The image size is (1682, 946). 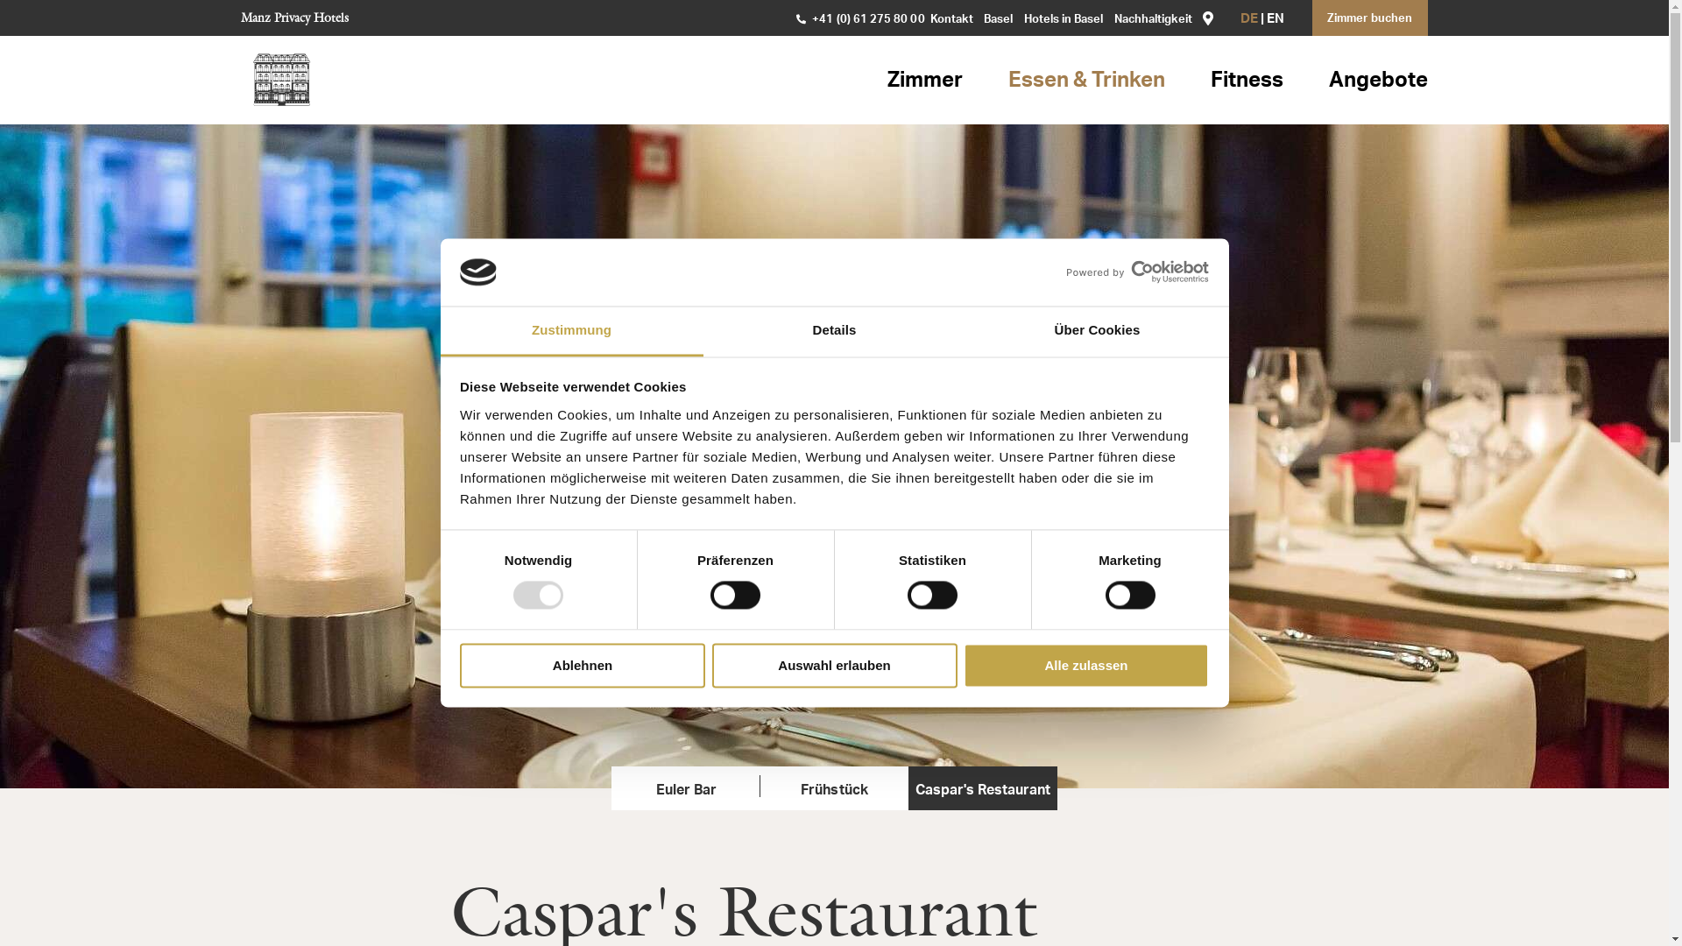 I want to click on 'Angebote', so click(x=1377, y=81).